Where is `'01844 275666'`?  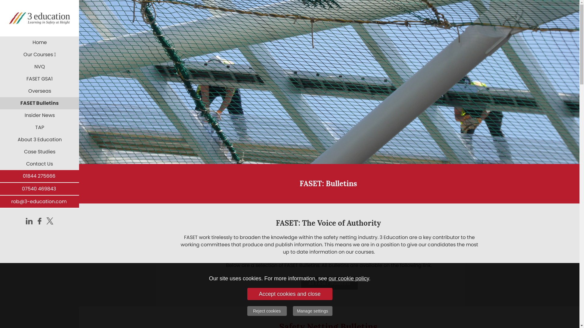
'01844 275666' is located at coordinates (38, 176).